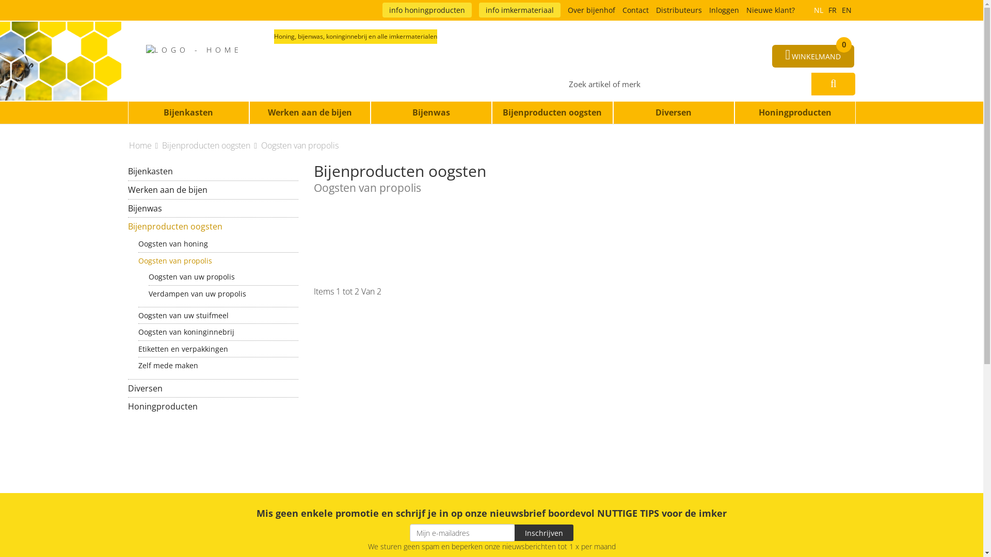 Image resolution: width=991 pixels, height=557 pixels. What do you see at coordinates (592, 10) in the screenshot?
I see `'Over bijenhof'` at bounding box center [592, 10].